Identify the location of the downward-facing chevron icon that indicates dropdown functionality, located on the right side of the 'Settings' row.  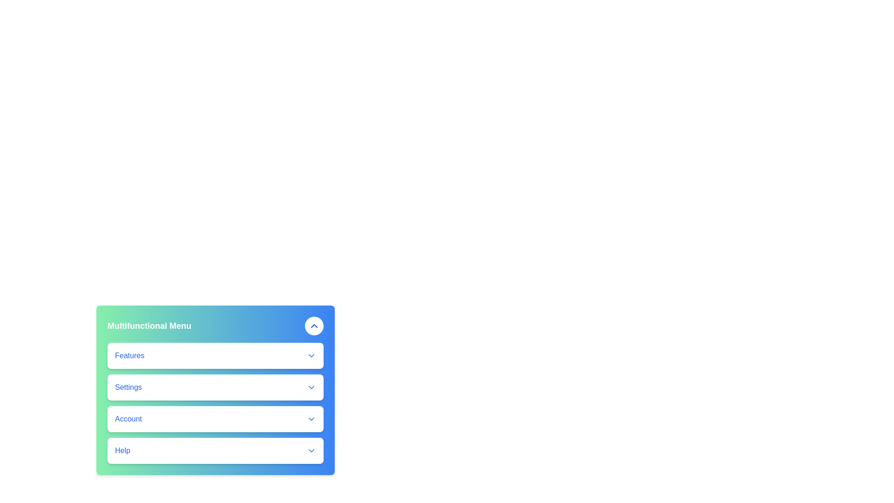
(311, 387).